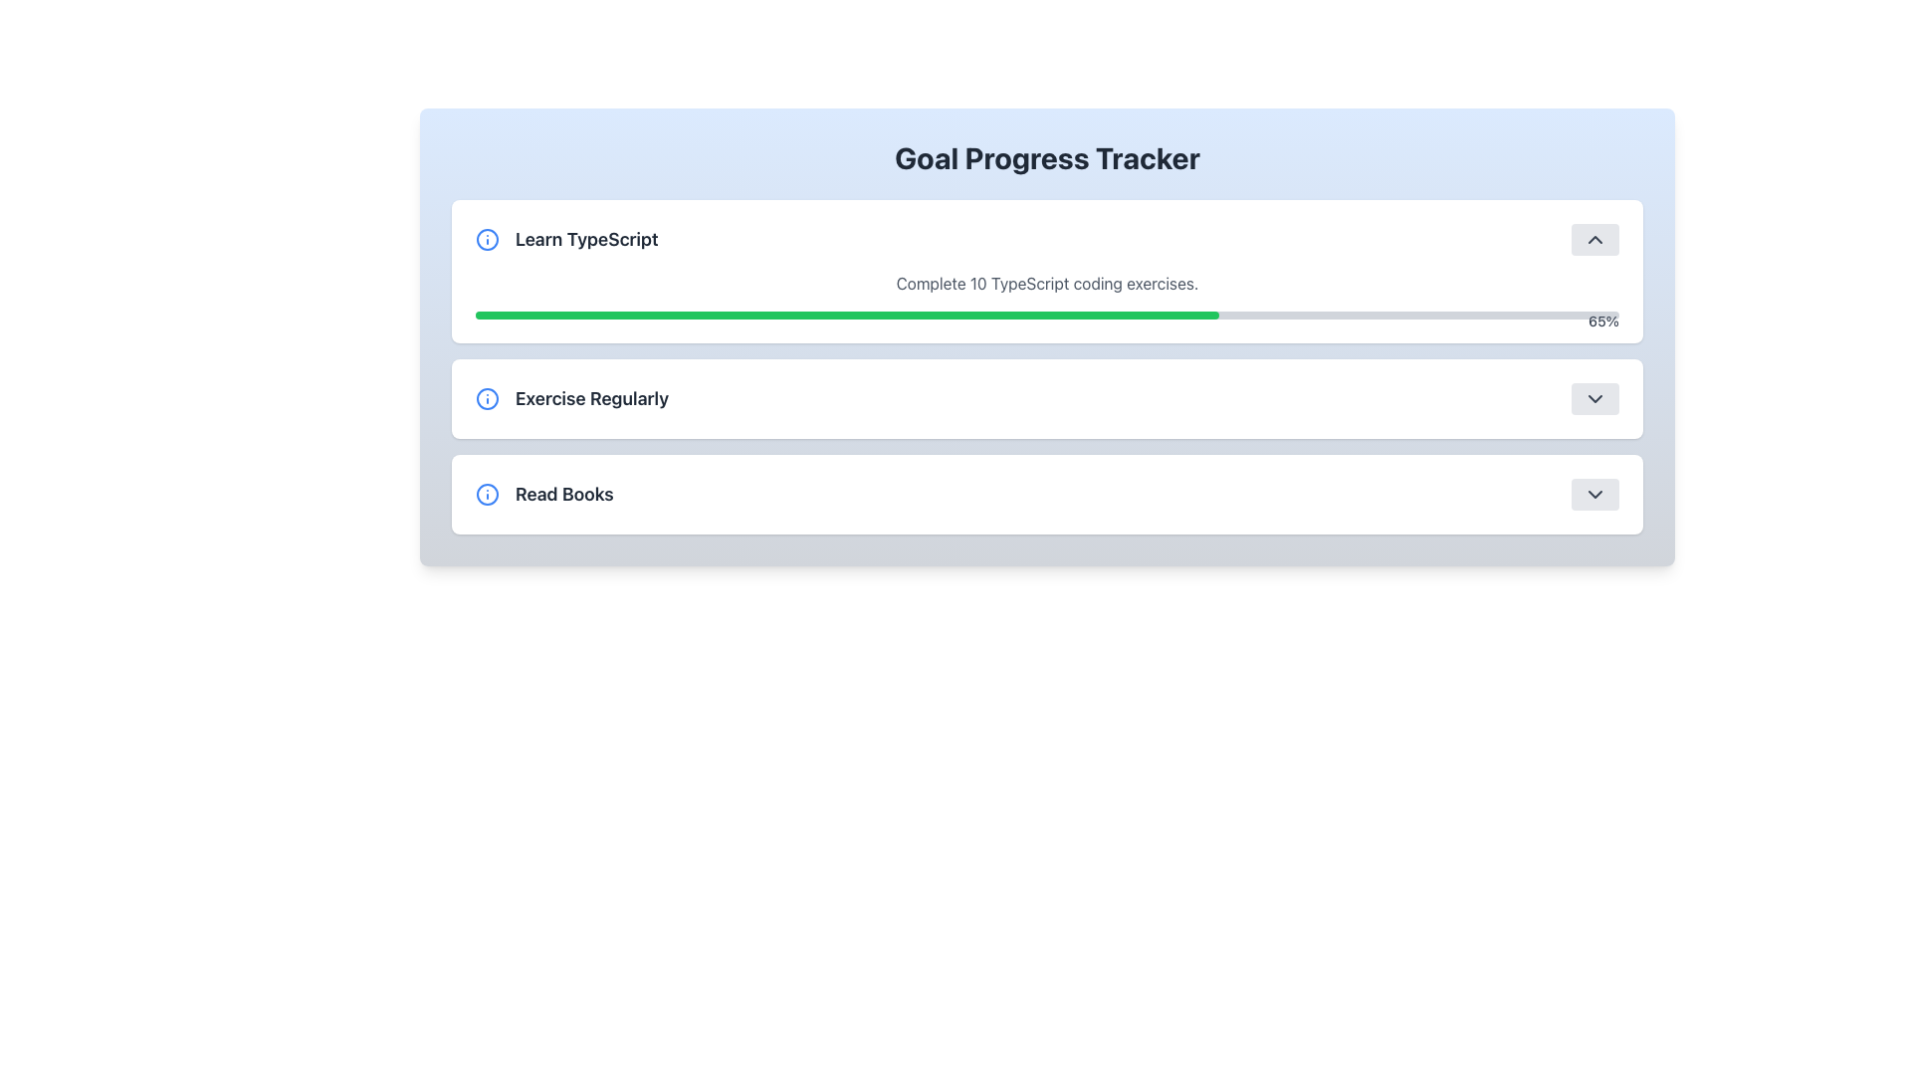 The width and height of the screenshot is (1911, 1075). Describe the element at coordinates (1595, 399) in the screenshot. I see `the toggle button located in the top-right corner of the 'Exercise Regularly' section to visualize its hover effects` at that location.